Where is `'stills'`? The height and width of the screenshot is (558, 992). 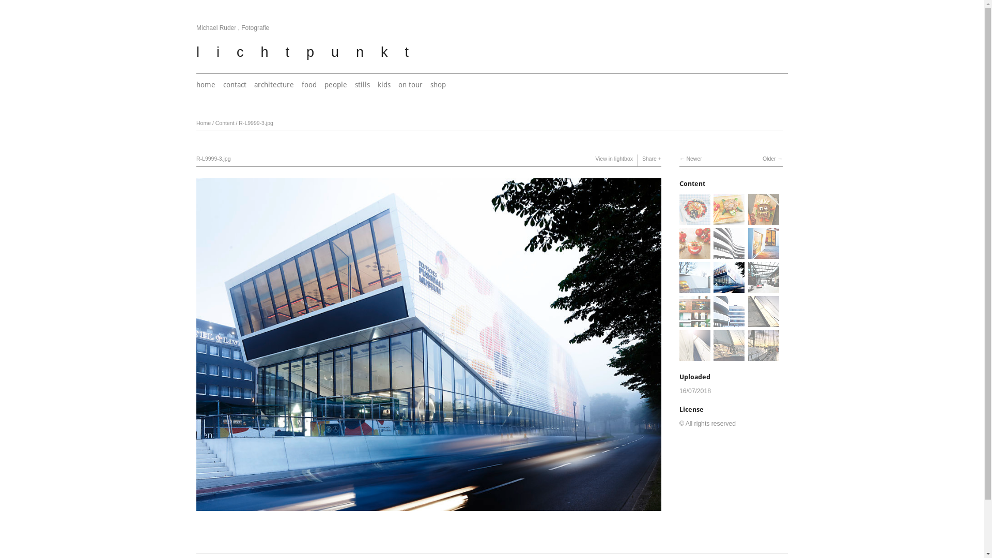 'stills' is located at coordinates (362, 84).